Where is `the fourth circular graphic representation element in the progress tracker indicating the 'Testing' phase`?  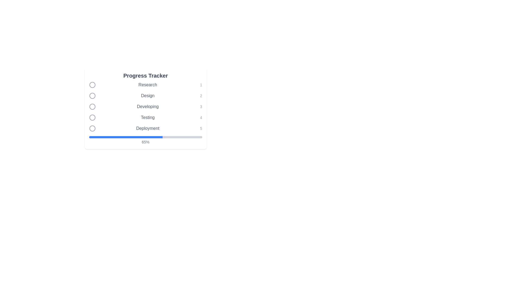 the fourth circular graphic representation element in the progress tracker indicating the 'Testing' phase is located at coordinates (92, 117).